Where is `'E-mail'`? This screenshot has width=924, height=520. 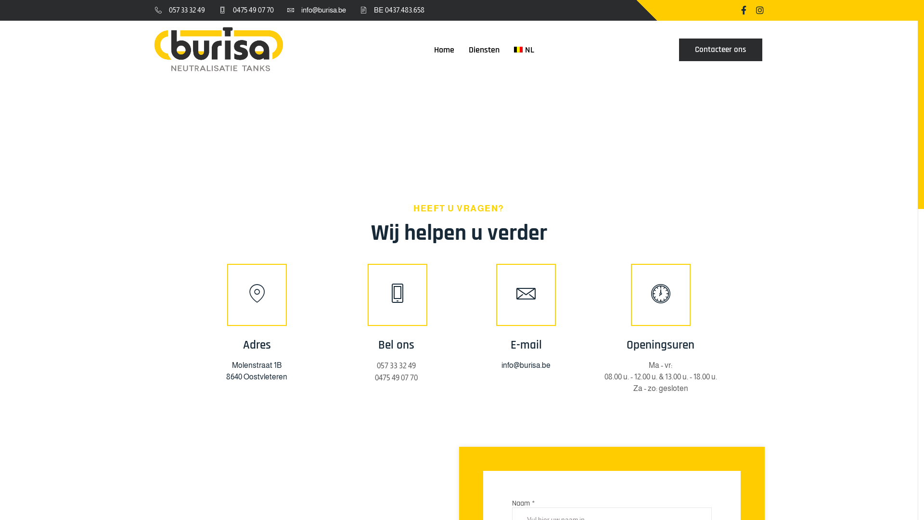
'E-mail' is located at coordinates (526, 345).